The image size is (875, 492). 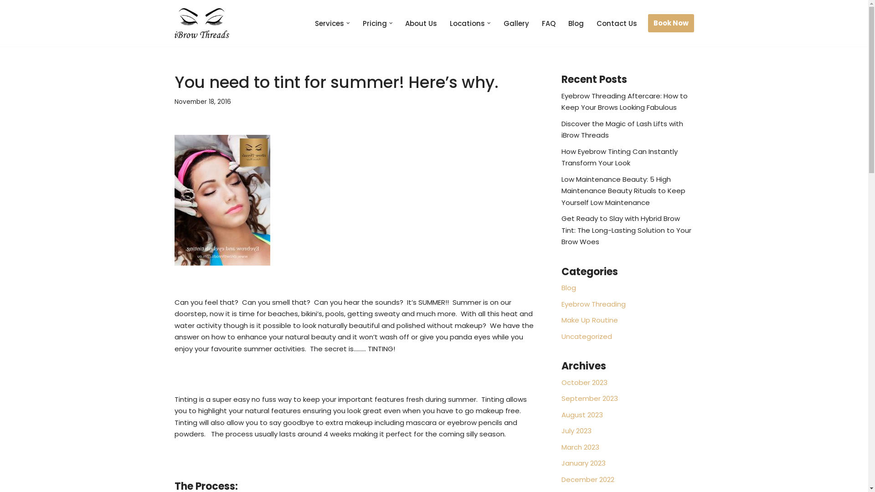 I want to click on 'August 2023', so click(x=582, y=415).